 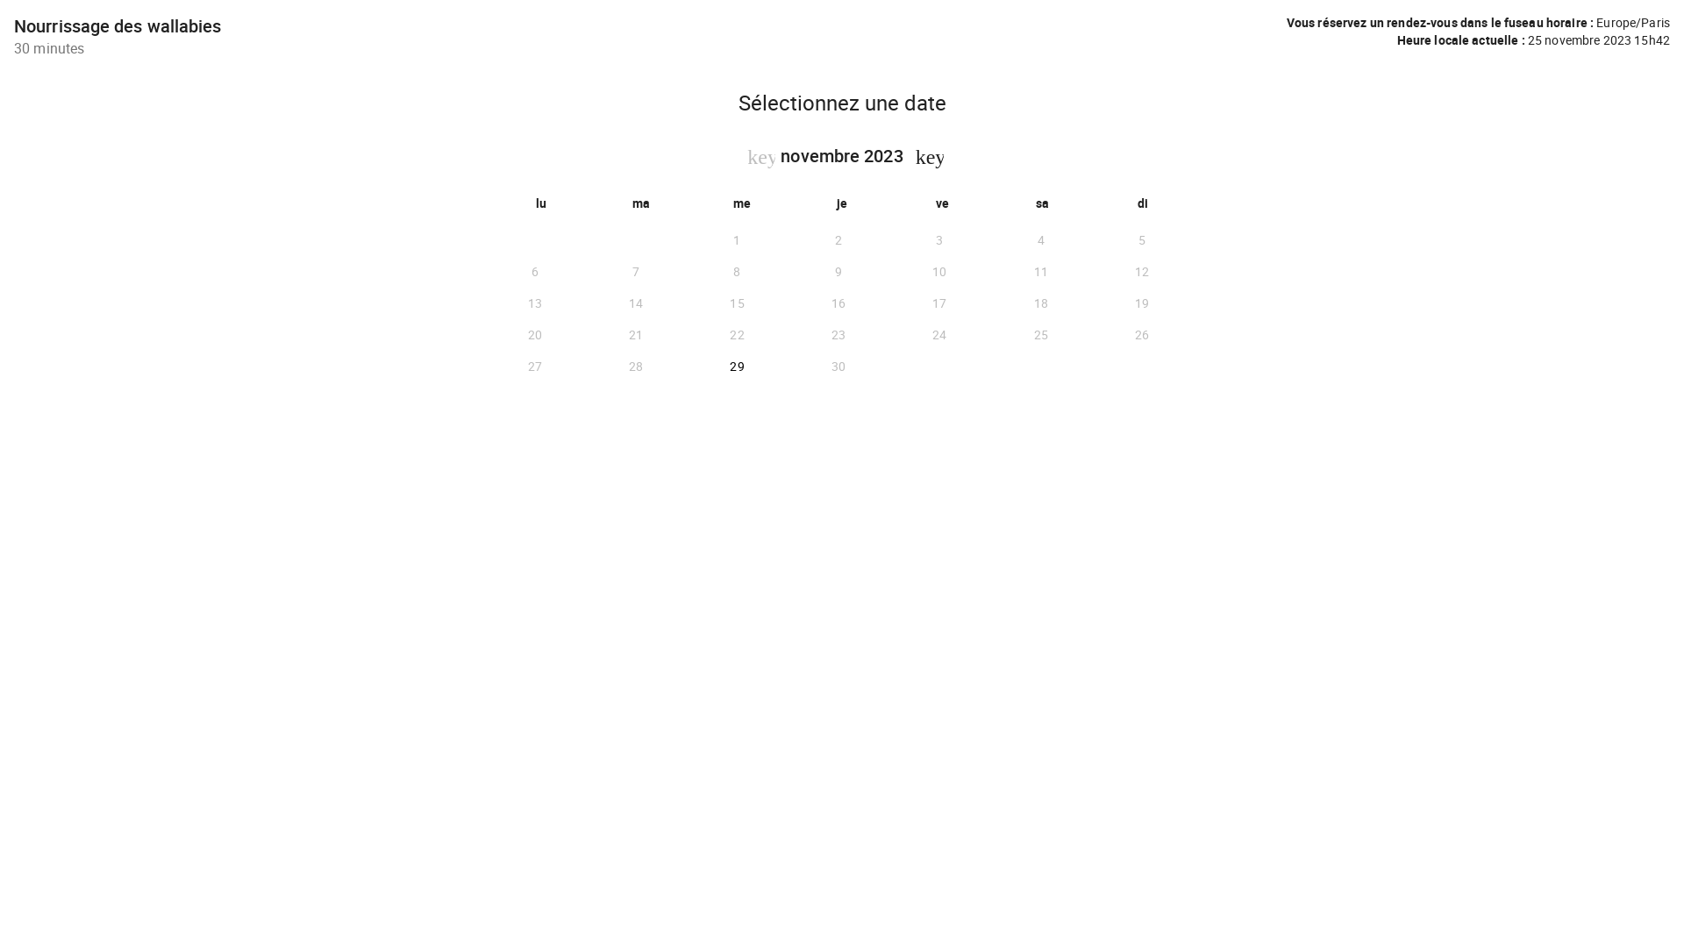 I want to click on '17', so click(x=938, y=303).